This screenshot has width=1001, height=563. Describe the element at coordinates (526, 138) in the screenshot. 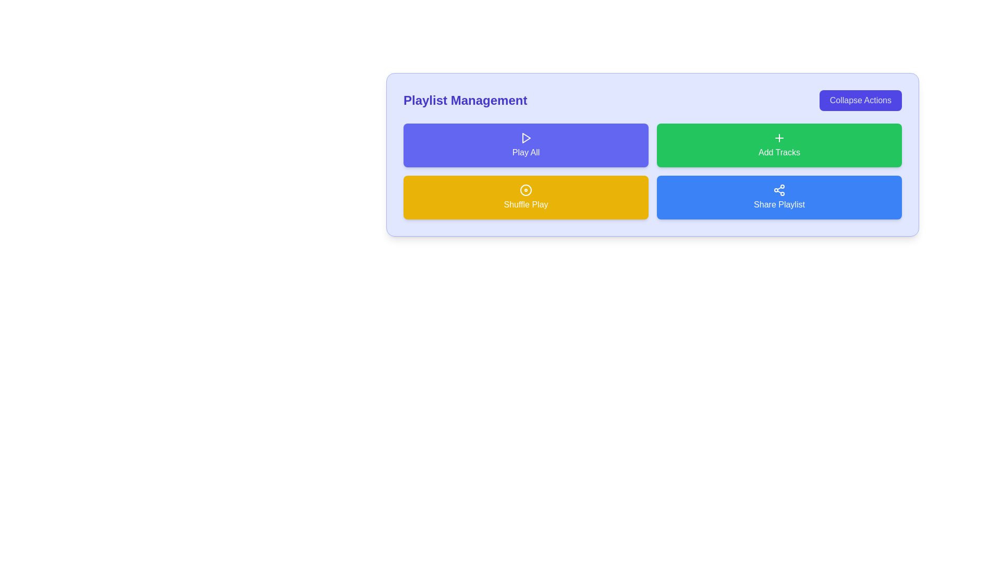

I see `the triangular play icon located within the 'Play All' button in the top-left region of the interface` at that location.